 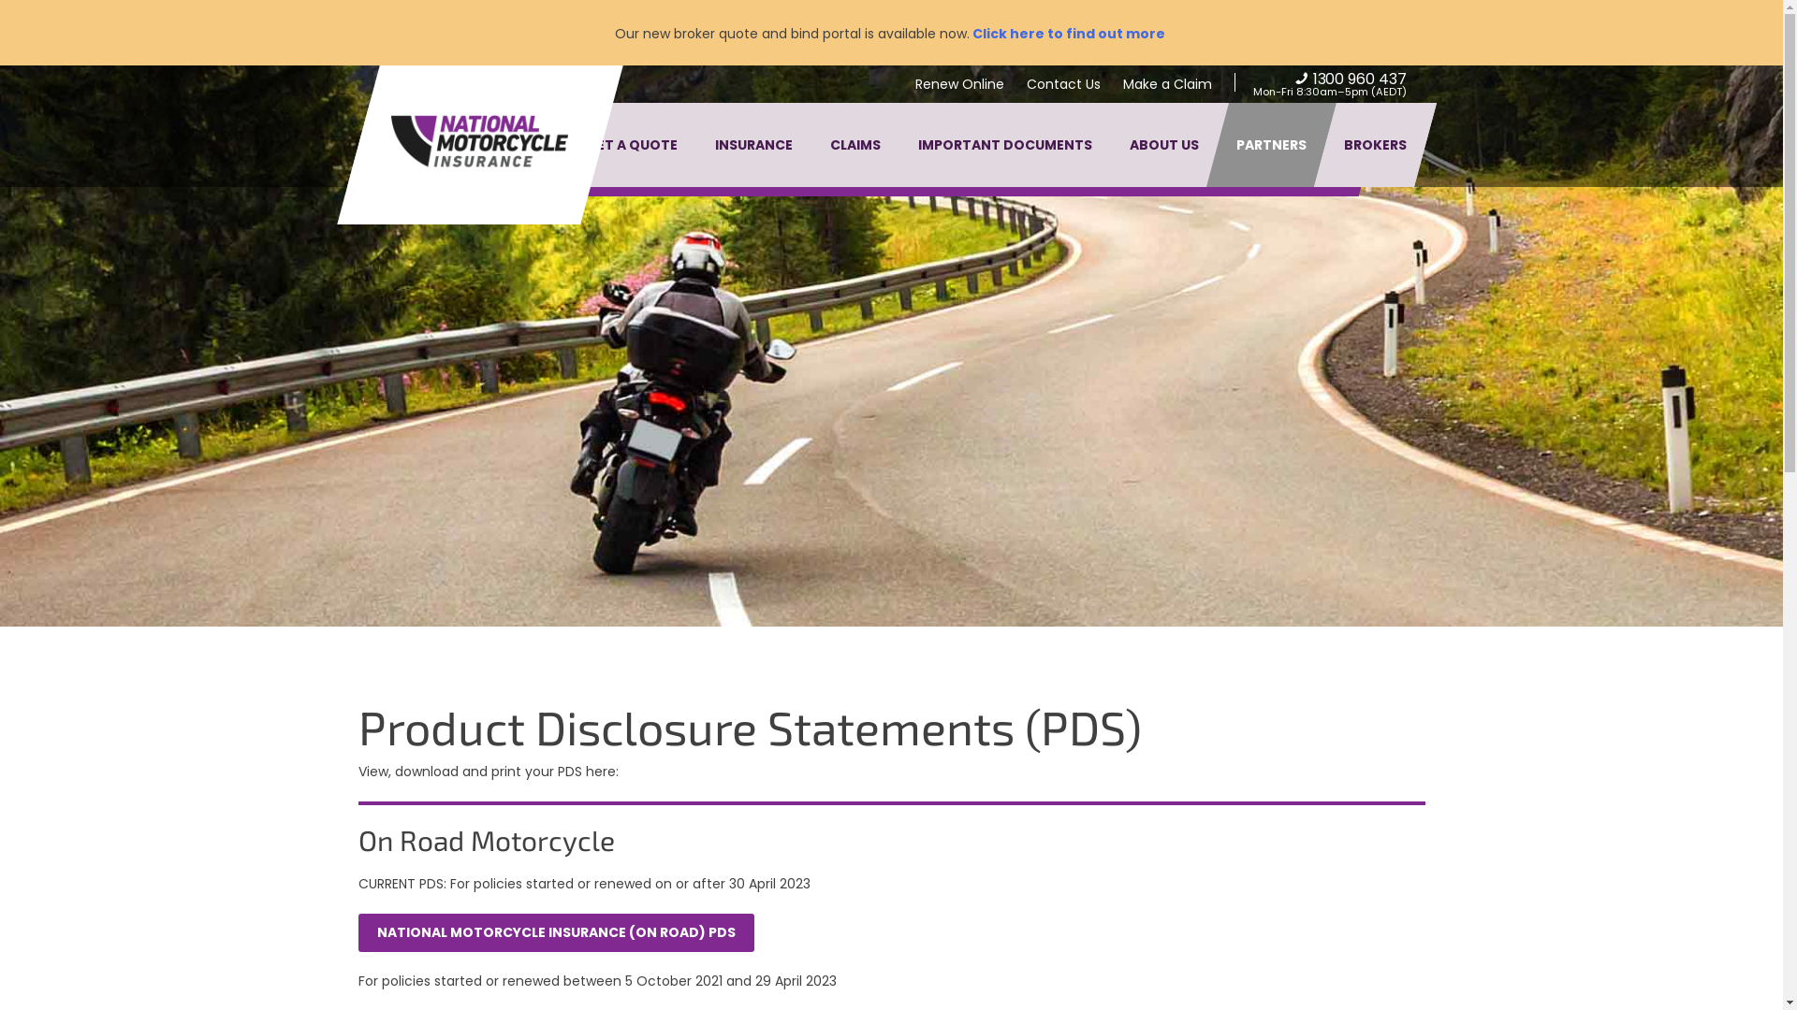 What do you see at coordinates (1003, 143) in the screenshot?
I see `'IMPORTANT DOCUMENTS'` at bounding box center [1003, 143].